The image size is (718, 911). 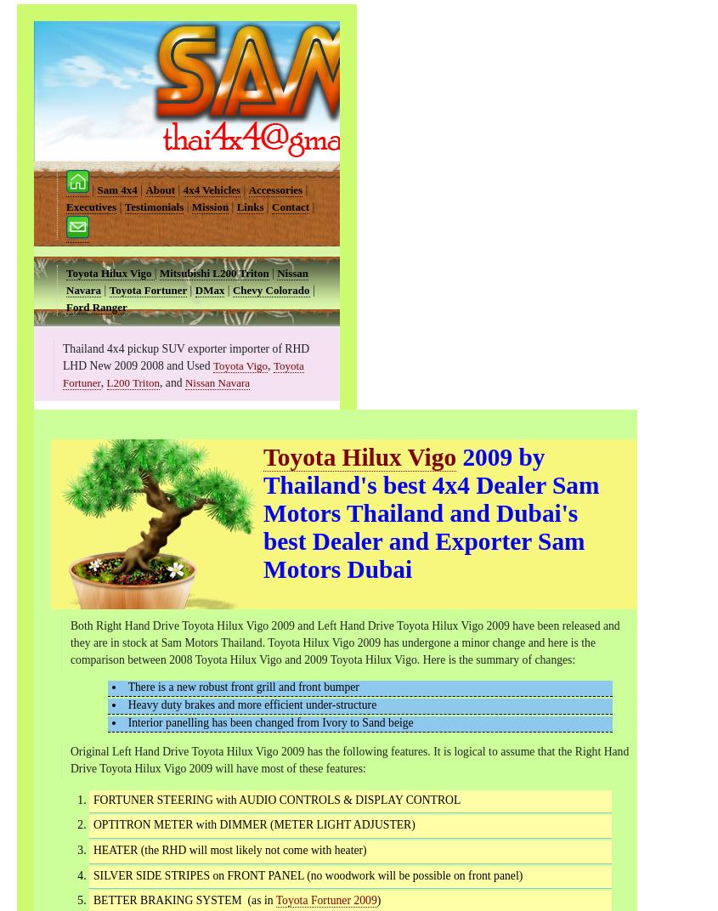 What do you see at coordinates (152, 207) in the screenshot?
I see `'Testimonials'` at bounding box center [152, 207].